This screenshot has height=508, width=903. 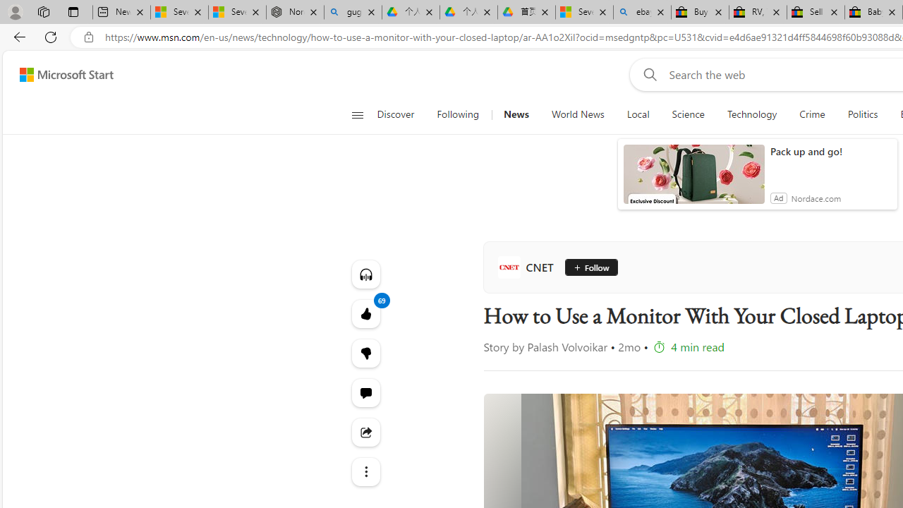 What do you see at coordinates (528, 267) in the screenshot?
I see `'CNET'` at bounding box center [528, 267].